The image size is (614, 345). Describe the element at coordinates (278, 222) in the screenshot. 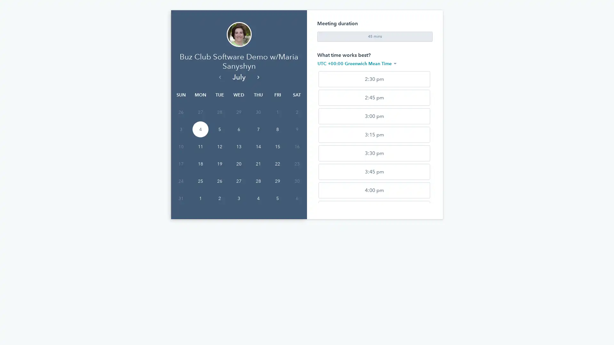

I see `August 5th` at that location.